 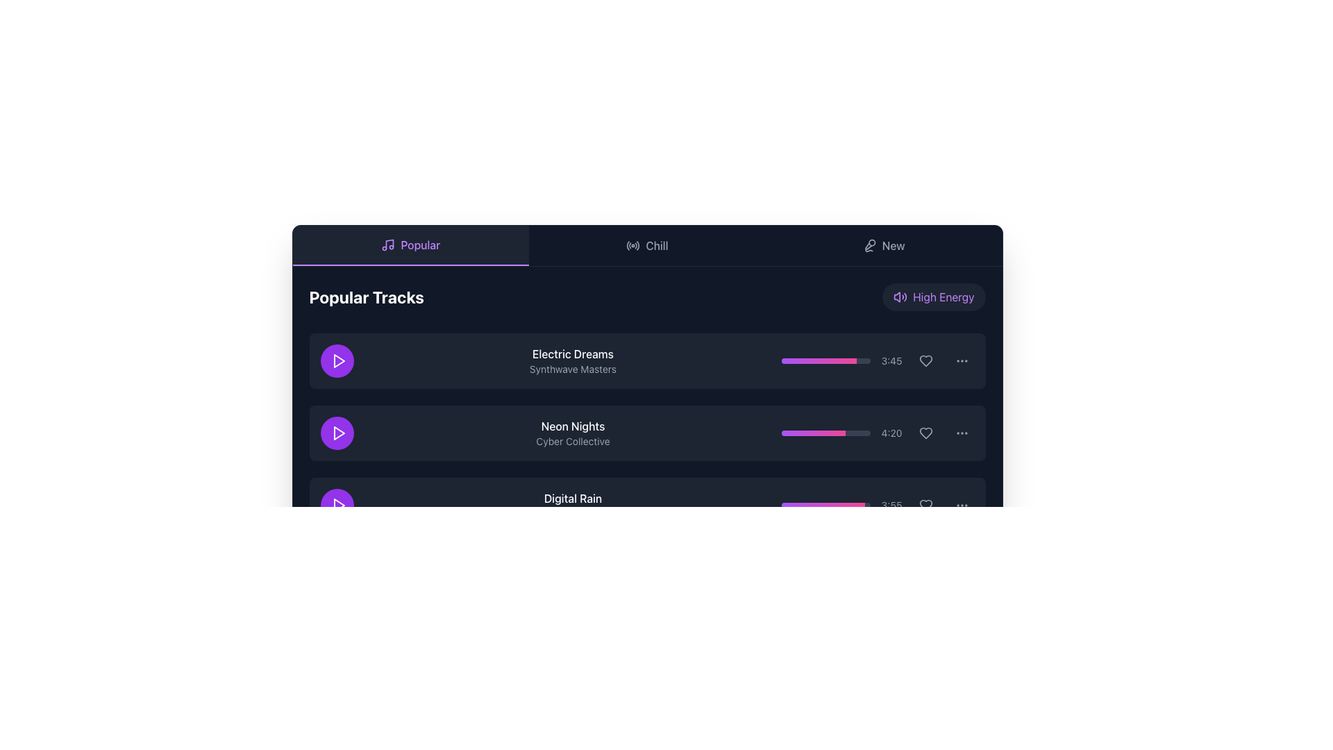 What do you see at coordinates (573, 497) in the screenshot?
I see `the prominent text label displaying 'Digital Rain'` at bounding box center [573, 497].